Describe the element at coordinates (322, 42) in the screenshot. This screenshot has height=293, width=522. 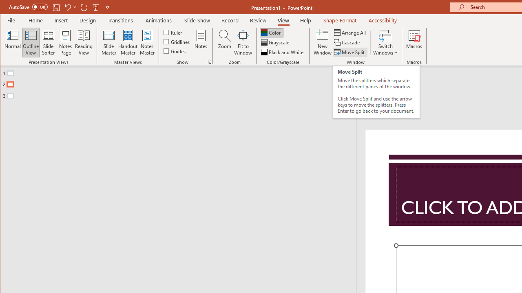
I see `'New Window'` at that location.